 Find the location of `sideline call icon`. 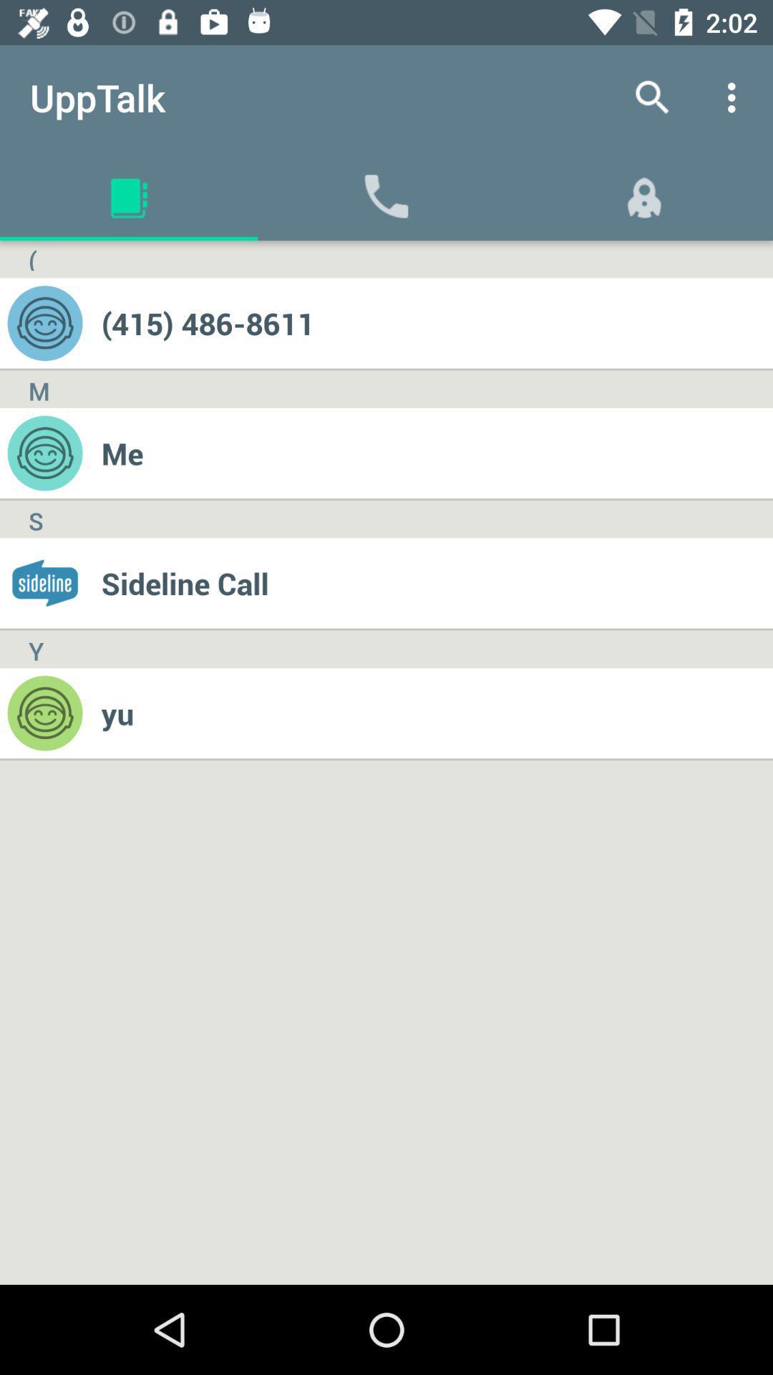

sideline call icon is located at coordinates (436, 583).